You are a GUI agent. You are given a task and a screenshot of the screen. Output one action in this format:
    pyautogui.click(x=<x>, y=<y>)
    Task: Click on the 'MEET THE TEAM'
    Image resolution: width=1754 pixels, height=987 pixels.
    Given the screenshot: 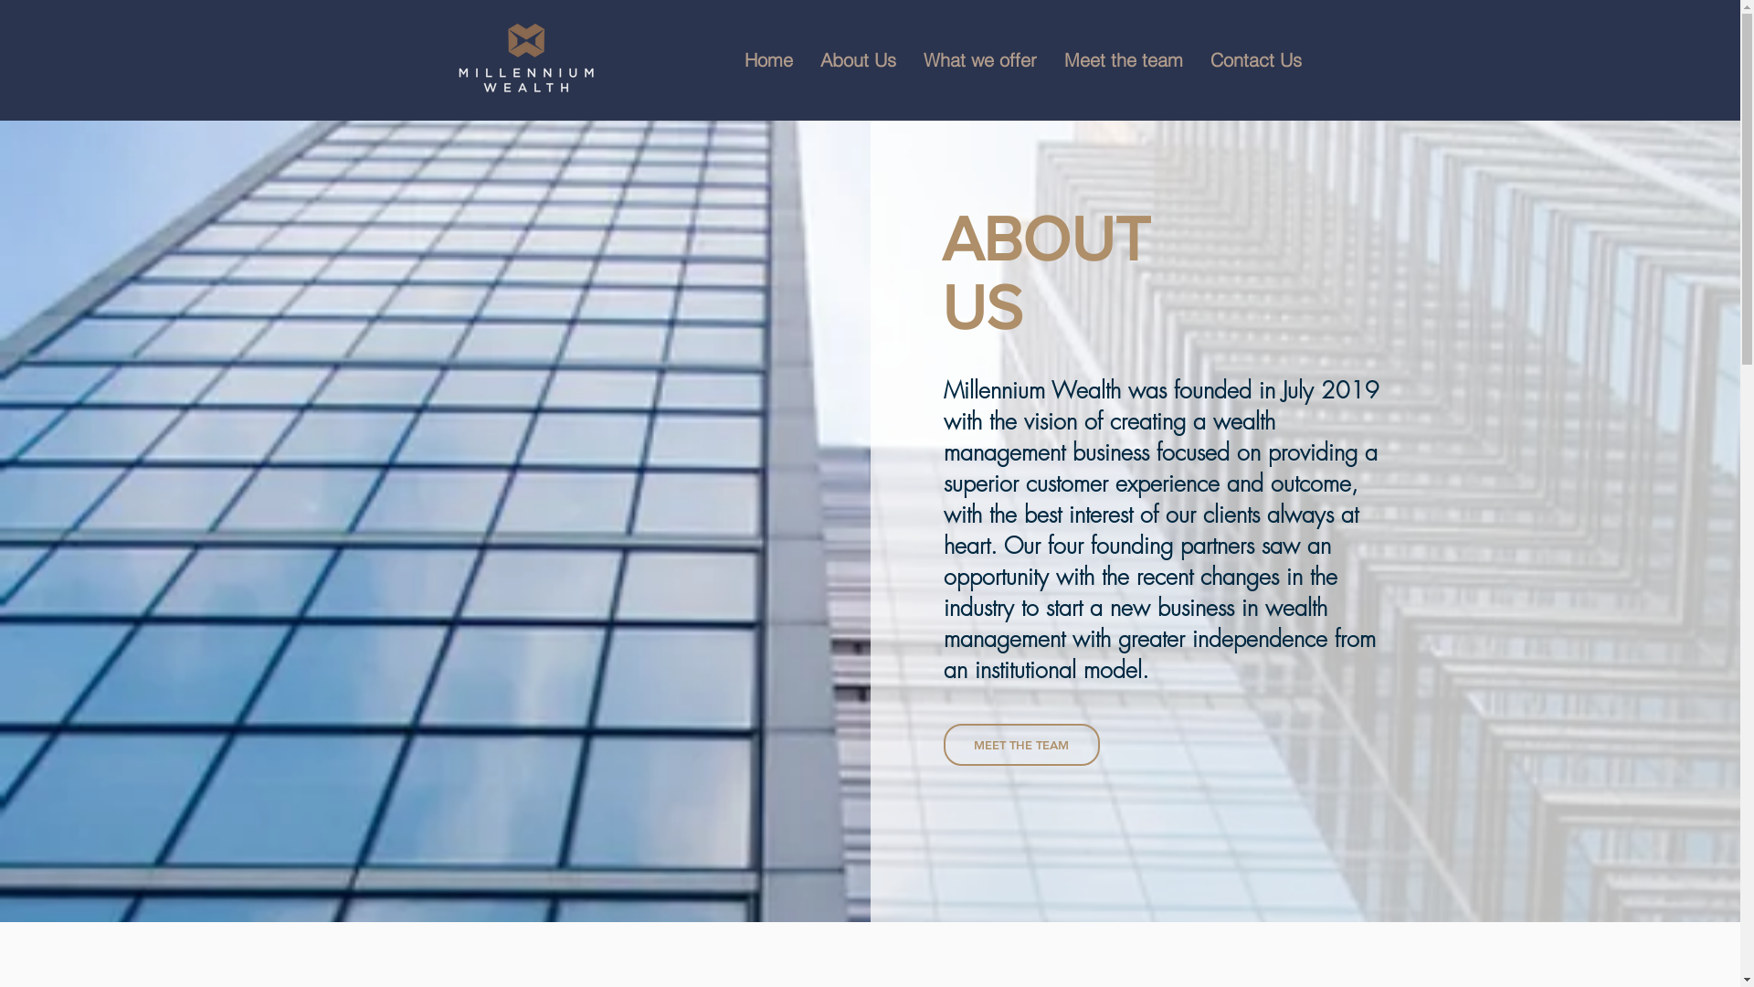 What is the action you would take?
    pyautogui.click(x=1020, y=744)
    